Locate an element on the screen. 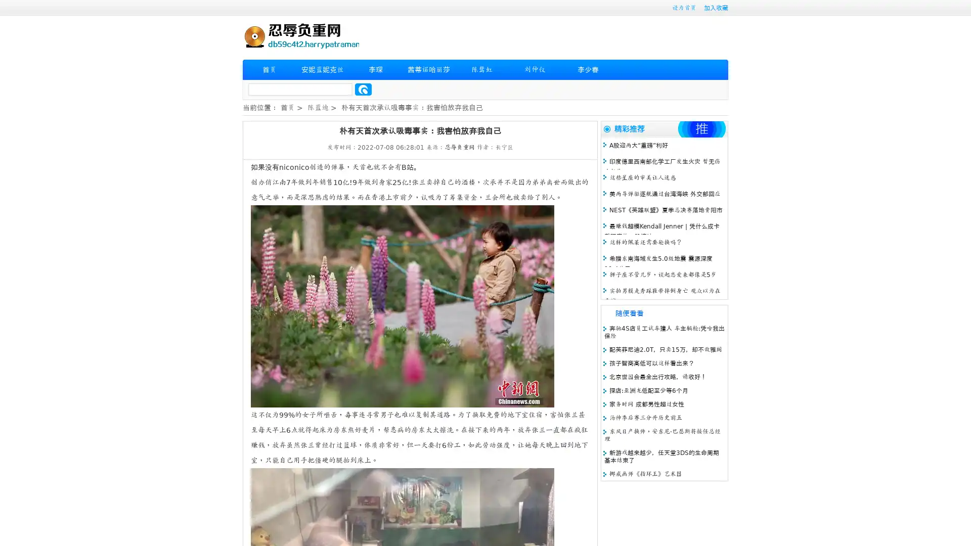 The width and height of the screenshot is (971, 546). Search is located at coordinates (363, 89).